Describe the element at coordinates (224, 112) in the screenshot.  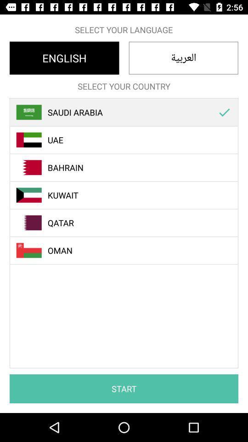
I see `the icon to the right of the saudi arabia icon` at that location.